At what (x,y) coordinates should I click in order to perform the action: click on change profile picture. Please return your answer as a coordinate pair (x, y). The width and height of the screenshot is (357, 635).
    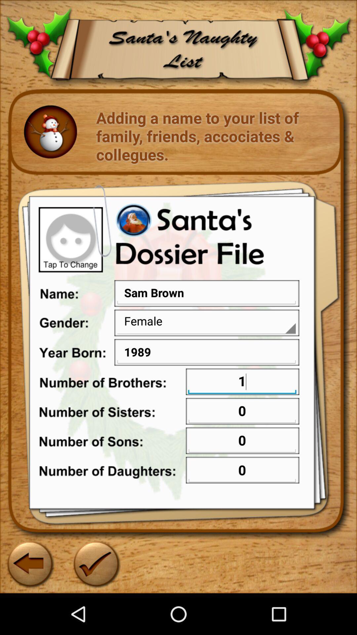
    Looking at the image, I should click on (71, 239).